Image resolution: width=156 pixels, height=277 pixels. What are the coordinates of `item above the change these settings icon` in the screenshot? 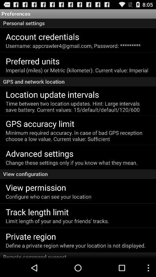 It's located at (39, 153).